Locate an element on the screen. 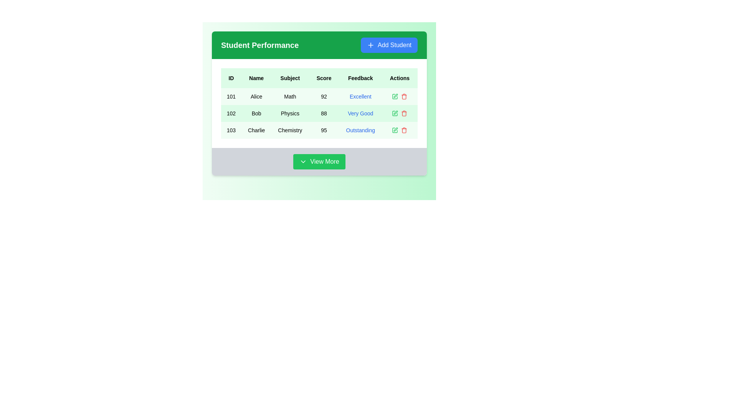 The width and height of the screenshot is (737, 414). the text element displaying 'Physics' in the second row of the table under the 'Subject' header, located in the third column of the row for ID '102' and Name 'Bob' is located at coordinates (289, 113).